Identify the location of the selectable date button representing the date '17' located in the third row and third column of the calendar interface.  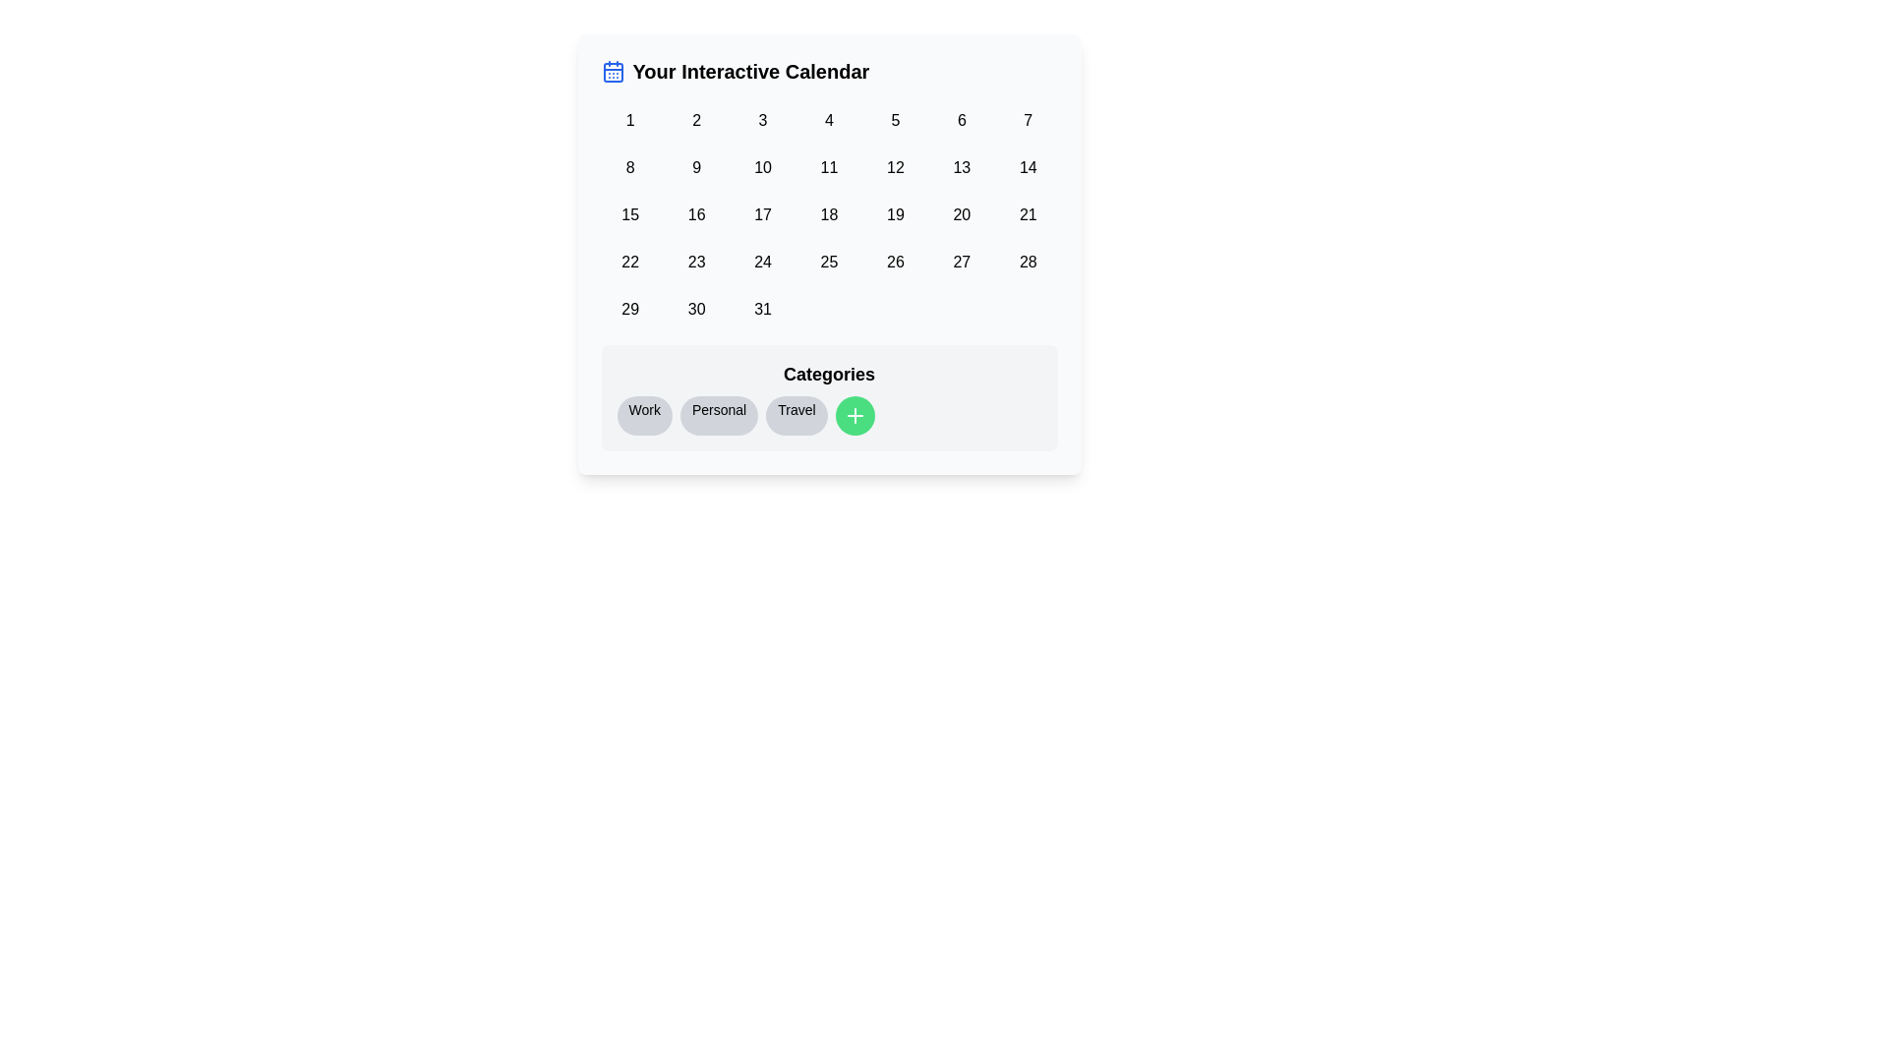
(762, 215).